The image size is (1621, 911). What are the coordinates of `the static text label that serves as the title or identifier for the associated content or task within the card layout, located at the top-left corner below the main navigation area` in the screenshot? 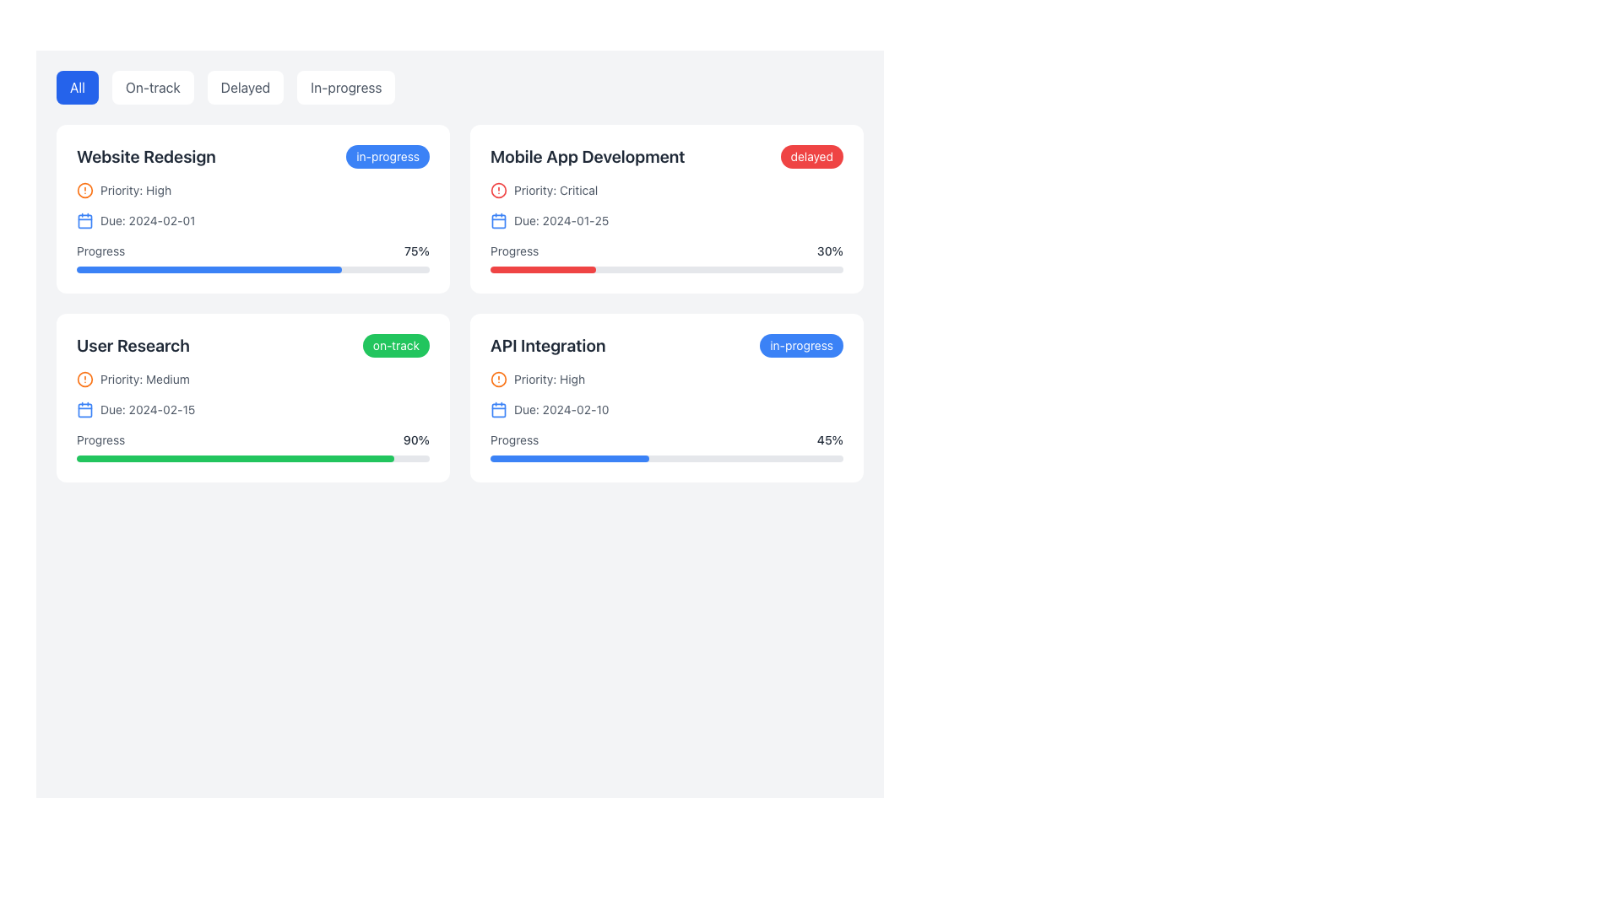 It's located at (133, 344).